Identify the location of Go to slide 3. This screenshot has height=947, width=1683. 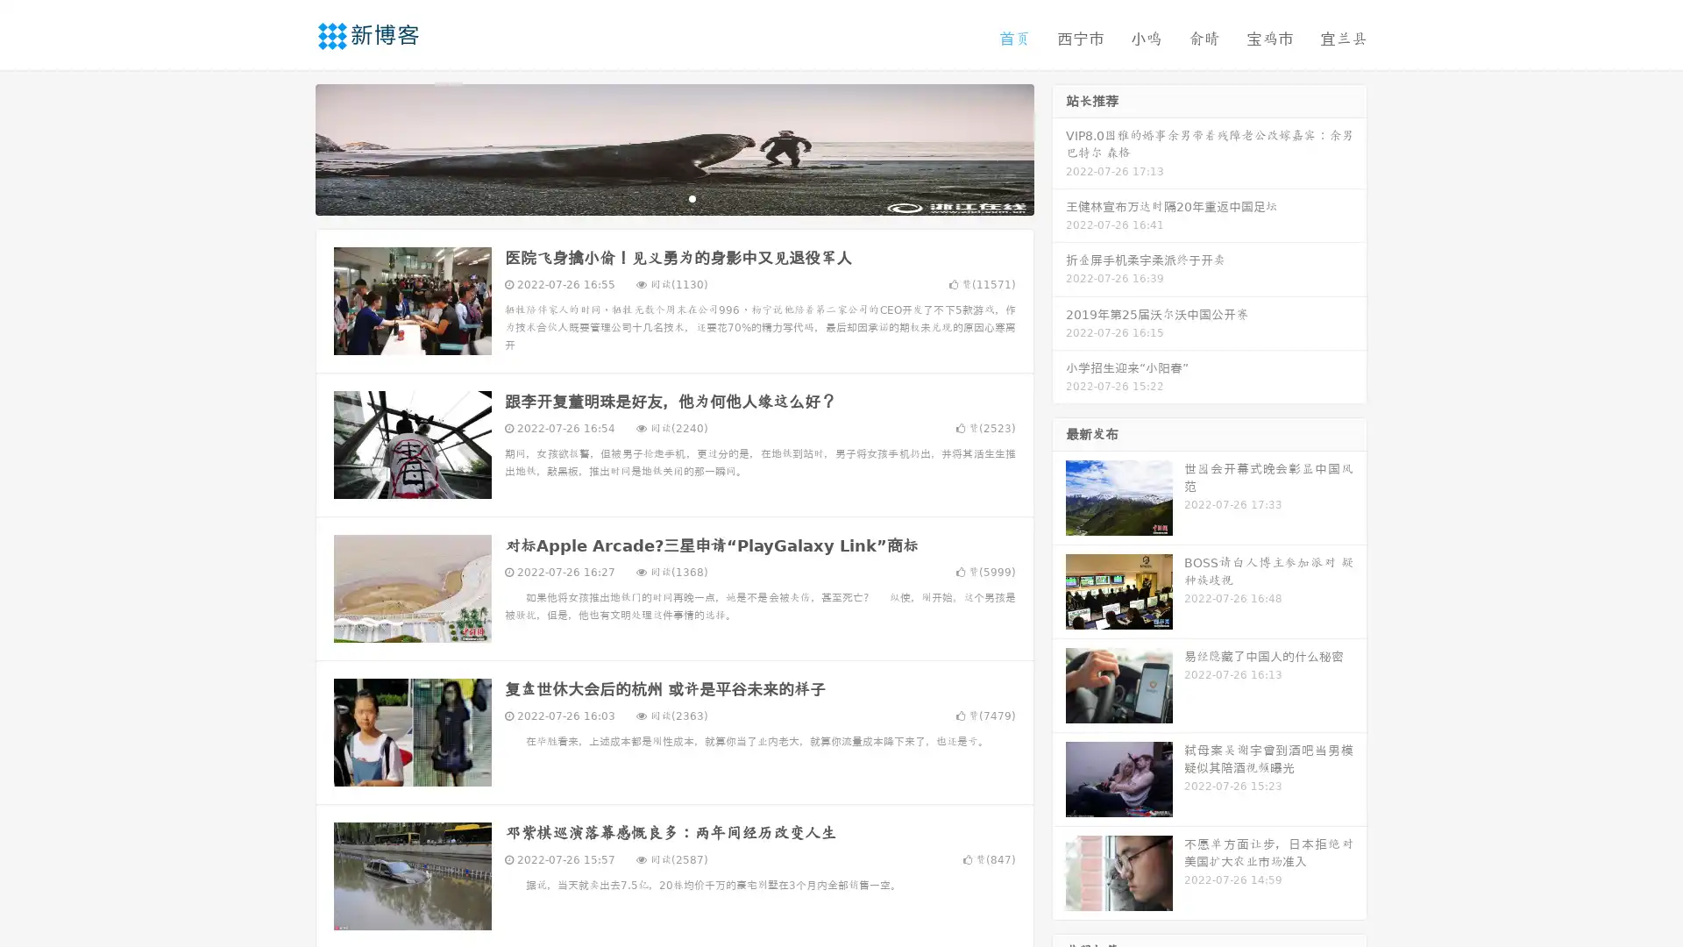
(692, 197).